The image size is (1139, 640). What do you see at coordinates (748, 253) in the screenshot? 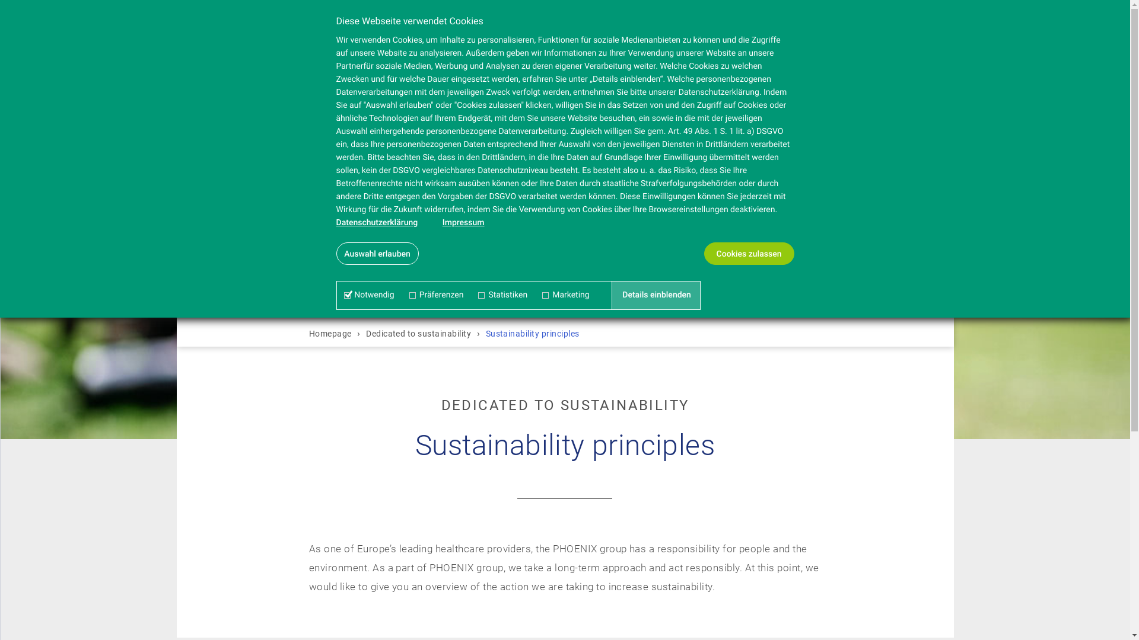
I see `'Cookies zulassen'` at bounding box center [748, 253].